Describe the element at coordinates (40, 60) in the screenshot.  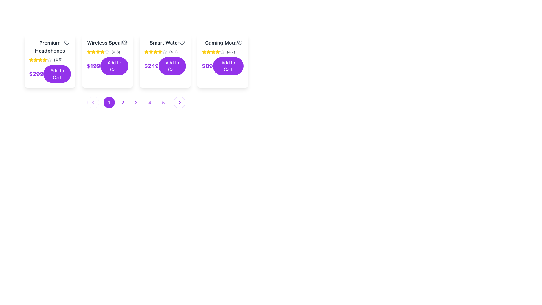
I see `the filled yellow star-shaped icon, the first star in the rating system of the 'Premium Headphones' product card` at that location.